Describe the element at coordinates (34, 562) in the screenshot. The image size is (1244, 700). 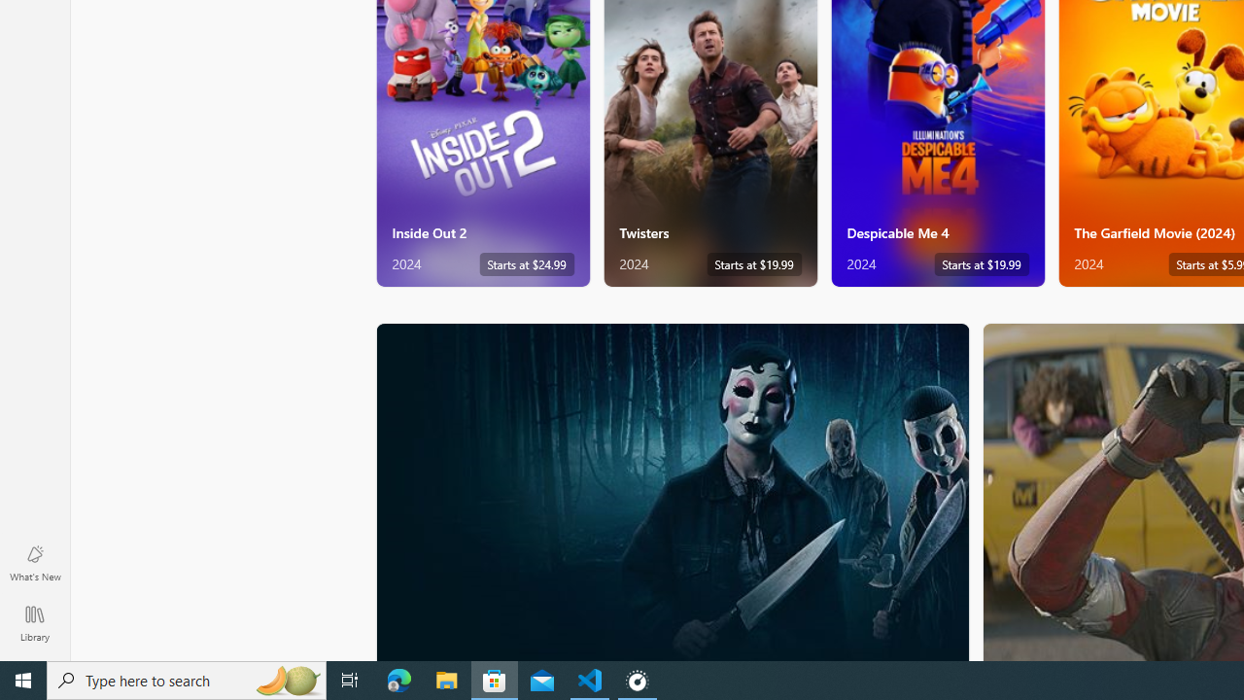
I see `'What'` at that location.